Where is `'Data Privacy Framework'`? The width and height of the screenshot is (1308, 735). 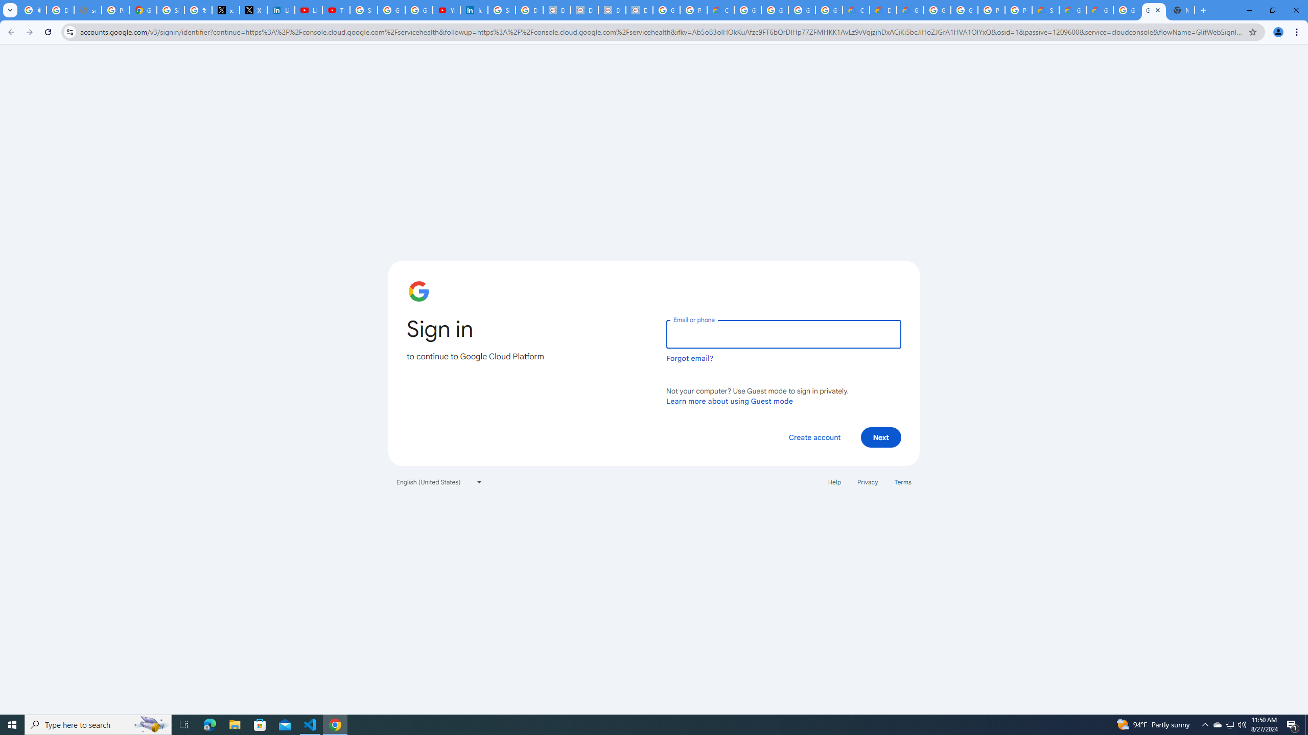
'Data Privacy Framework' is located at coordinates (556, 10).